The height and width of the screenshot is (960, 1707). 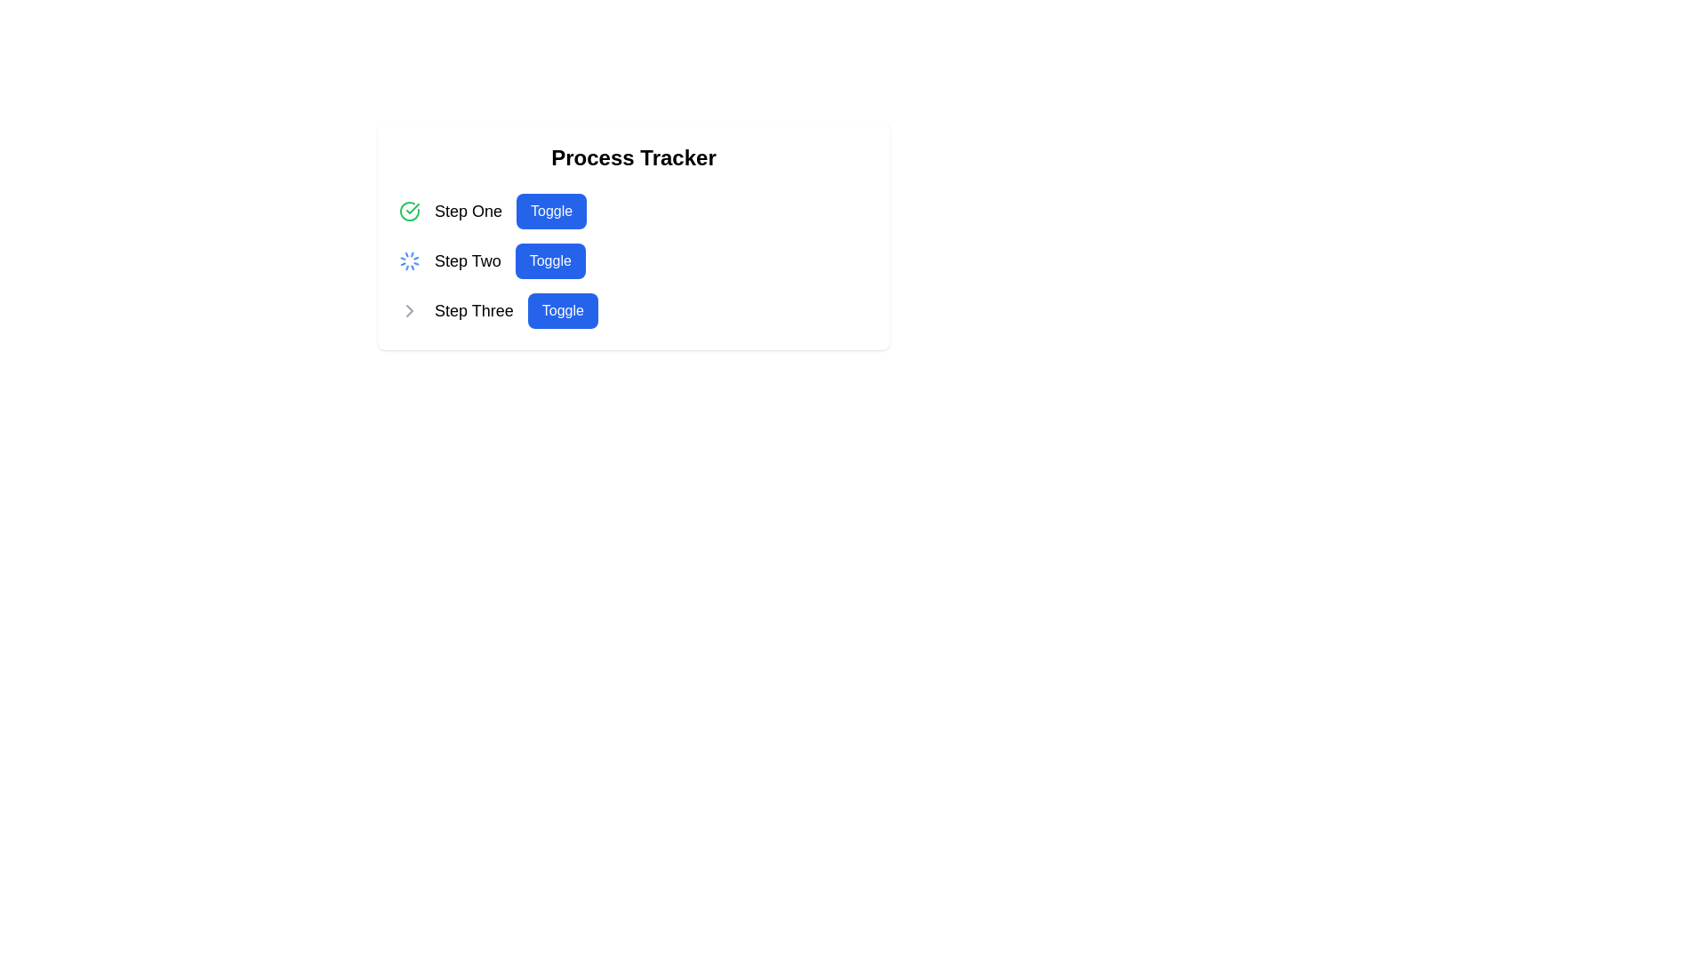 I want to click on the third step in the 'Process Tracker' list, so click(x=634, y=310).